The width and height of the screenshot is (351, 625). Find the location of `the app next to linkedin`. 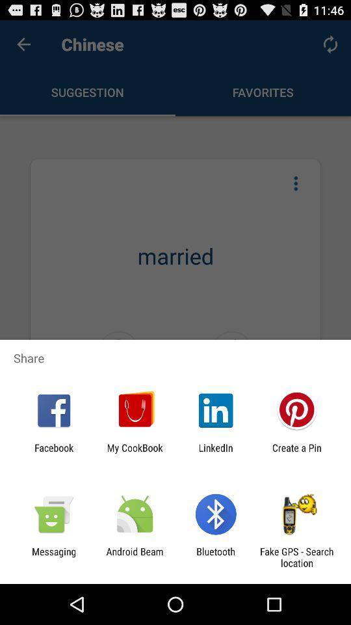

the app next to linkedin is located at coordinates (296, 453).